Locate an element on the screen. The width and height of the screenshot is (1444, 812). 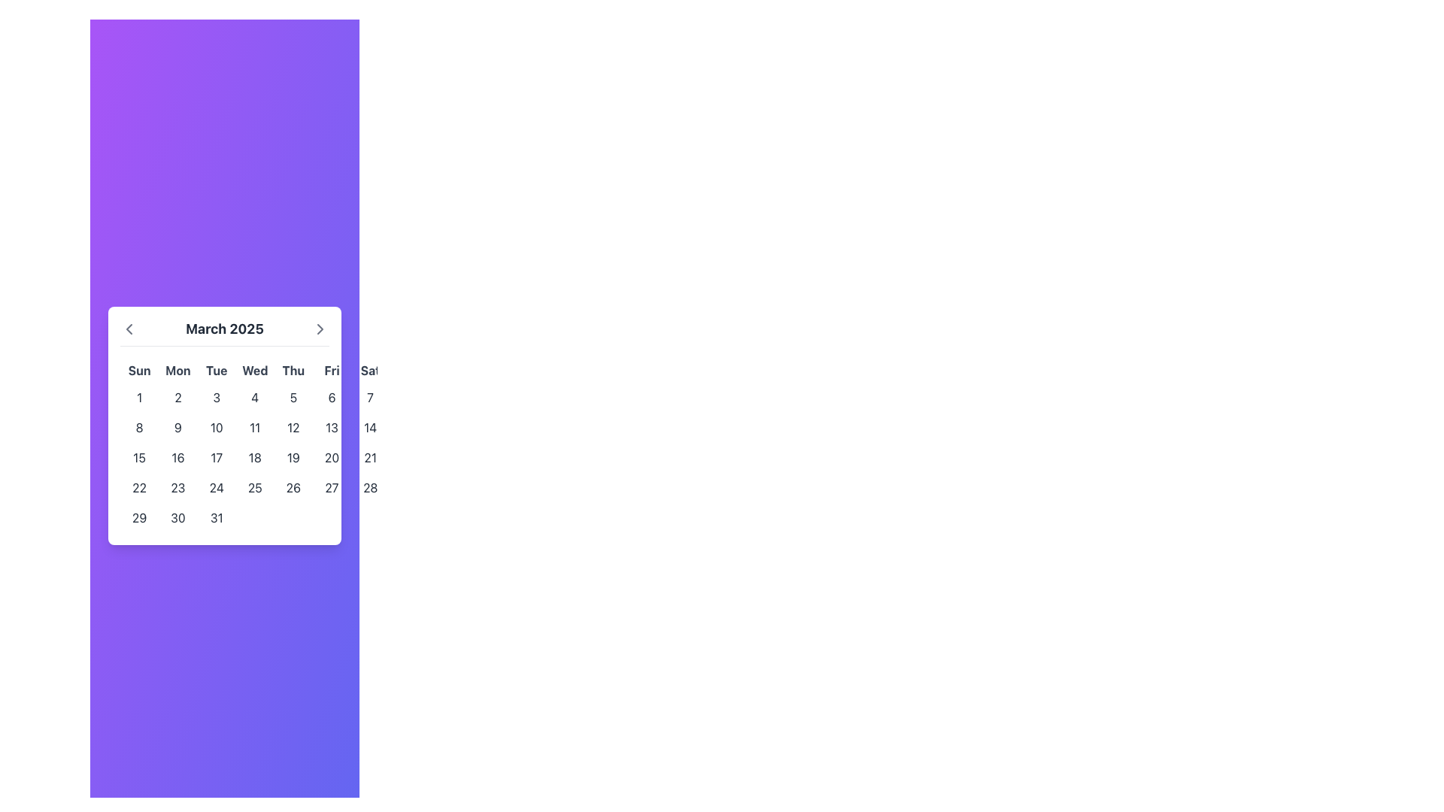
the grid cell displaying the number '27' which is part of the calendar widget, positioned in the bottom-right row of the date section is located at coordinates (331, 487).